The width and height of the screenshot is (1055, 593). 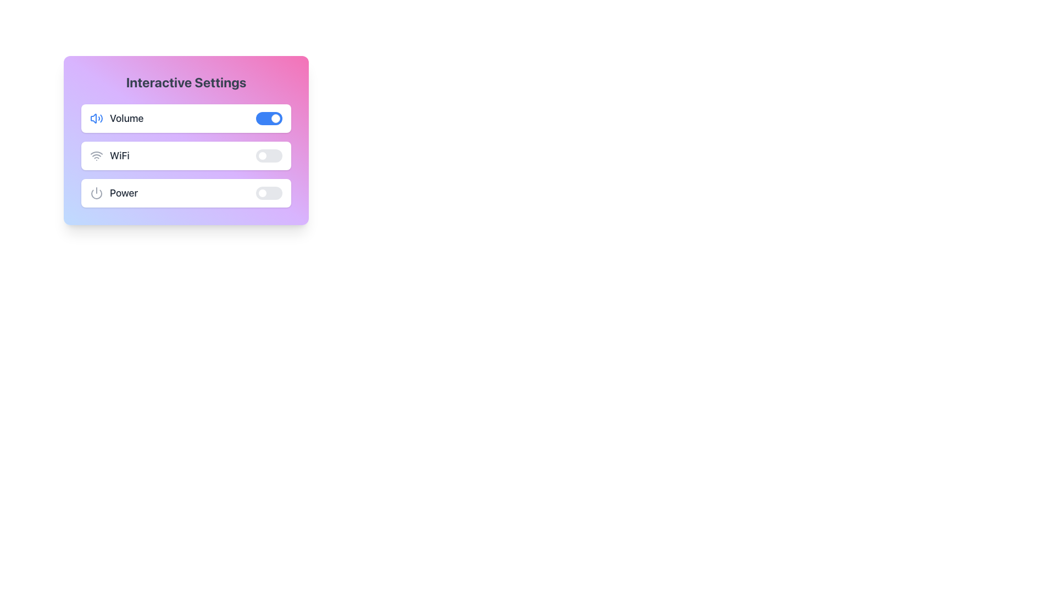 I want to click on the 'WiFi' text element, which is styled in a large gray font, located in the center of the second row of a card with a gradient purple and pink background, so click(x=119, y=156).